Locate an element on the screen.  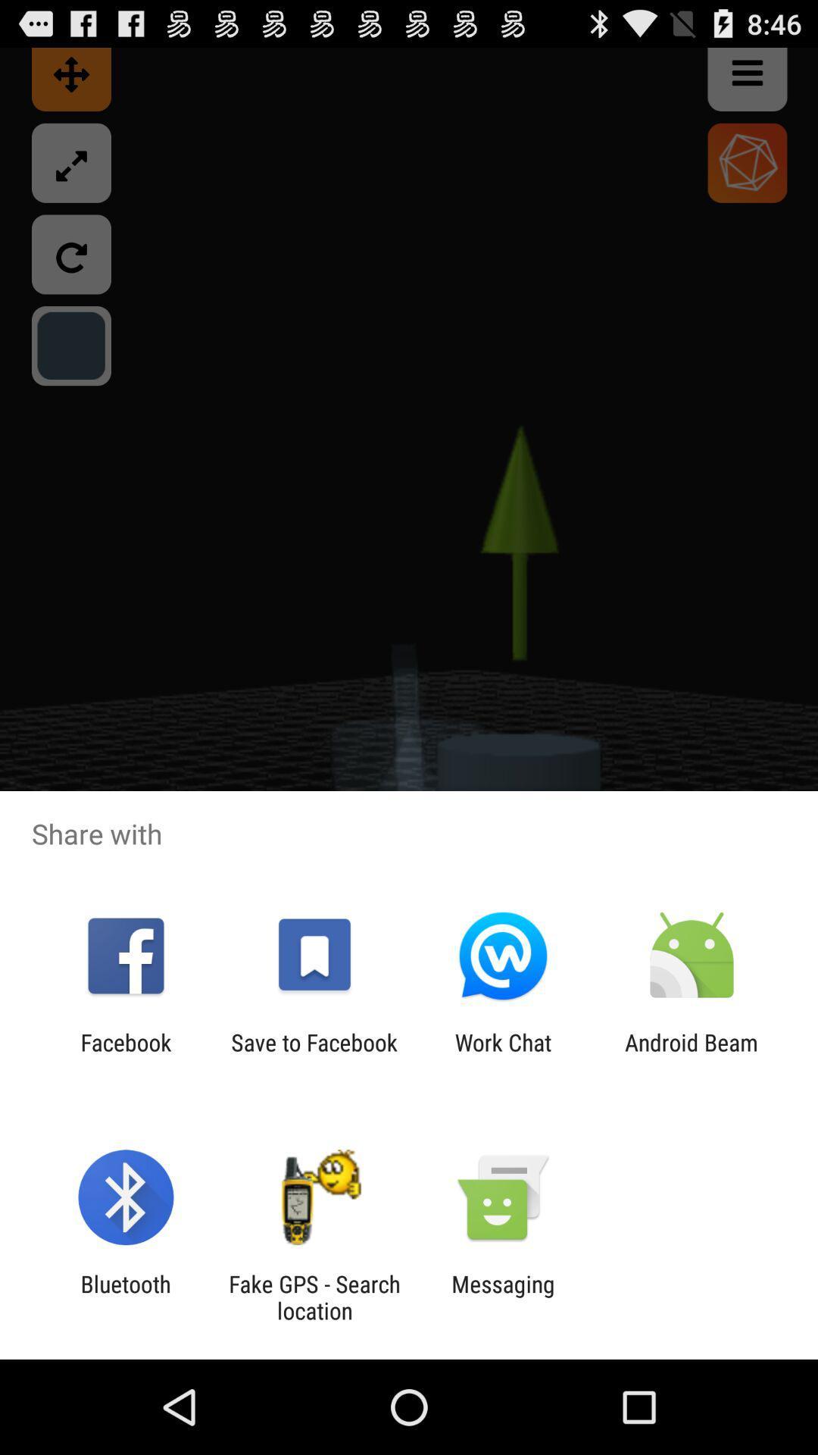
the item next to bluetooth item is located at coordinates (314, 1297).